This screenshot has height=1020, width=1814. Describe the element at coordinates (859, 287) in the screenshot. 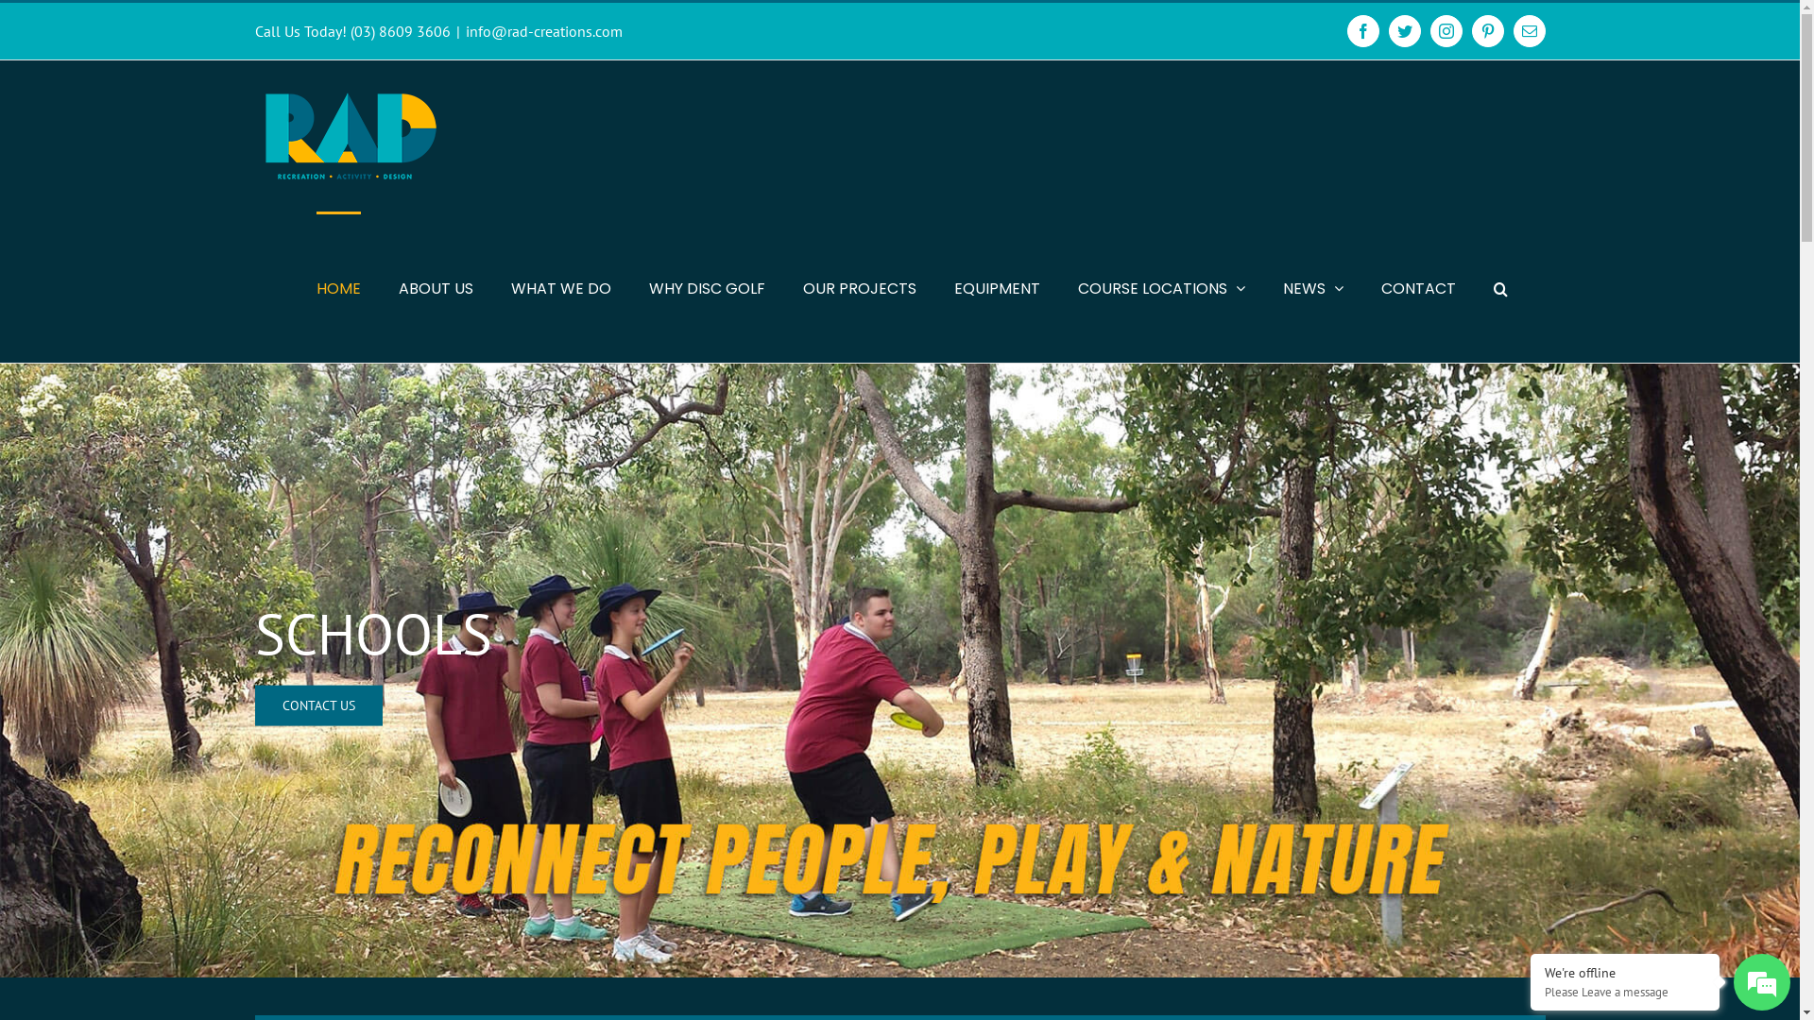

I see `'OUR PROJECTS'` at that location.